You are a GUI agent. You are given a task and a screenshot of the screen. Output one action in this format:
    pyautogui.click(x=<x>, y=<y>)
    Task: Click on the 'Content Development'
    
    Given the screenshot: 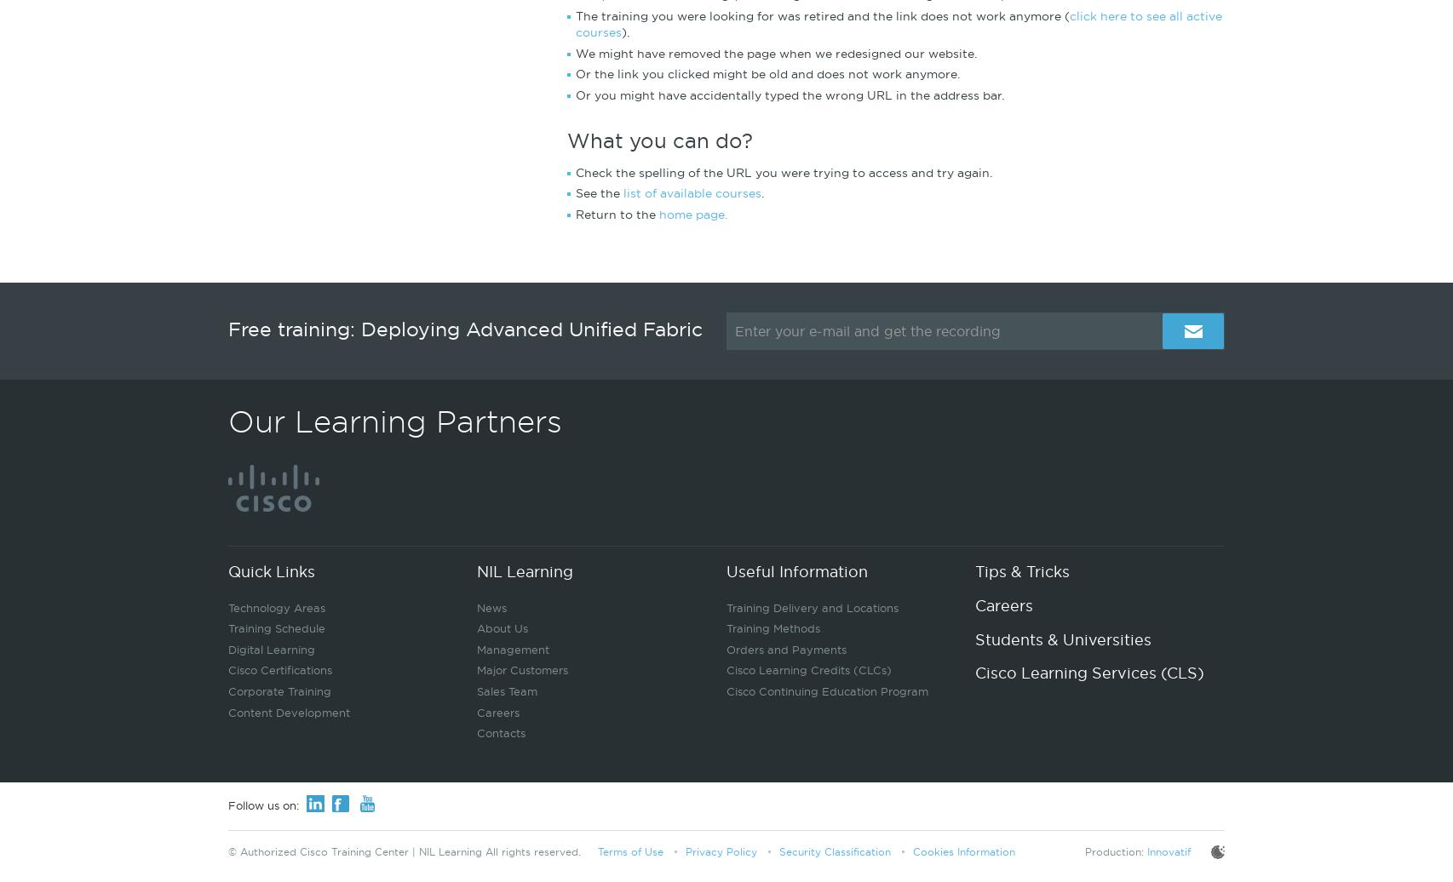 What is the action you would take?
    pyautogui.click(x=289, y=711)
    